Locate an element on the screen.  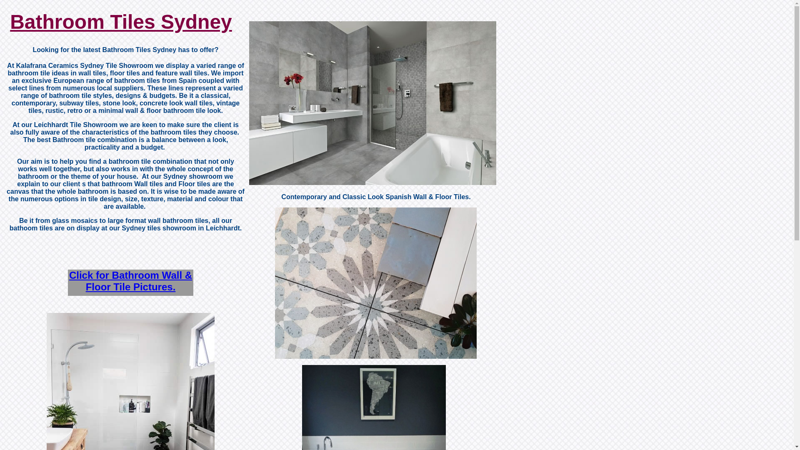
'Click for Bathroom Wall & Floor Tile Pictures.' is located at coordinates (130, 281).